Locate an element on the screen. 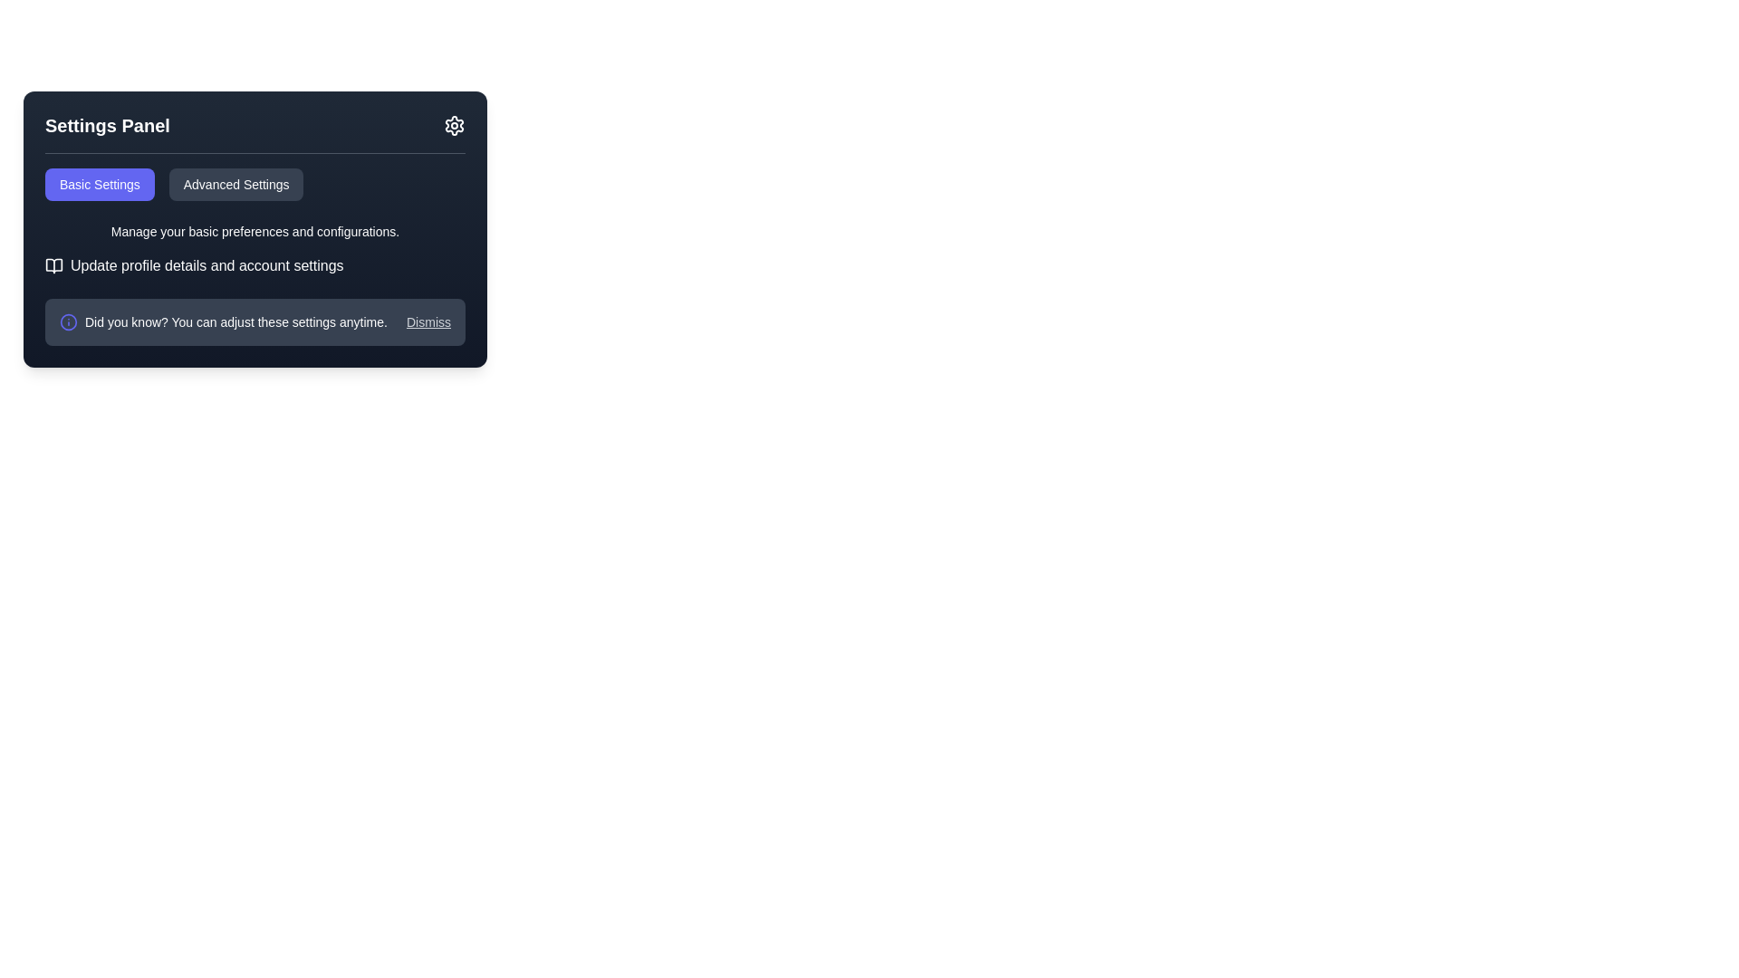 The height and width of the screenshot is (978, 1739). the notification bar with the dark gray background and the text 'Did you know? You can adjust these settings anytime.' is located at coordinates (255, 321).